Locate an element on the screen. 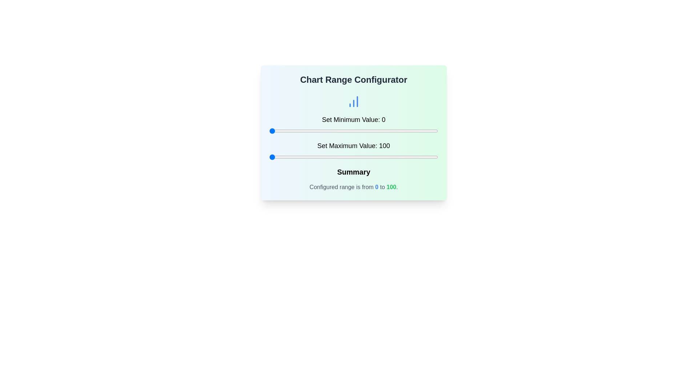  the minimum value slider to set the value to 36 is located at coordinates (329, 131).